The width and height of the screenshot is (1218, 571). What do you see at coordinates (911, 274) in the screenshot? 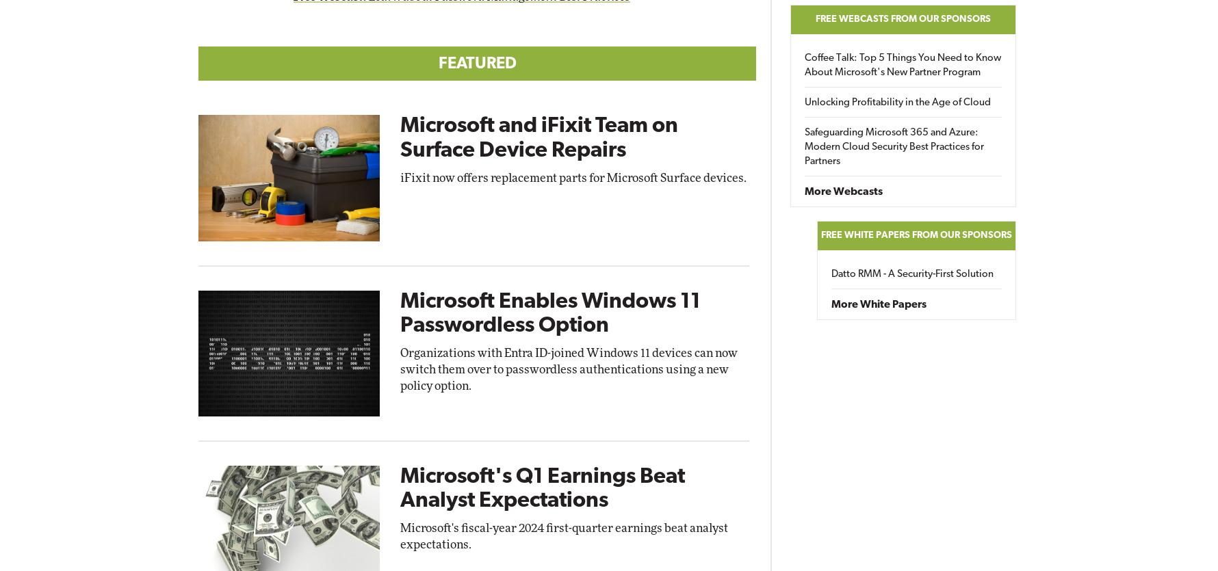
I see `'Datto RMM - A Security-First Solution'` at bounding box center [911, 274].